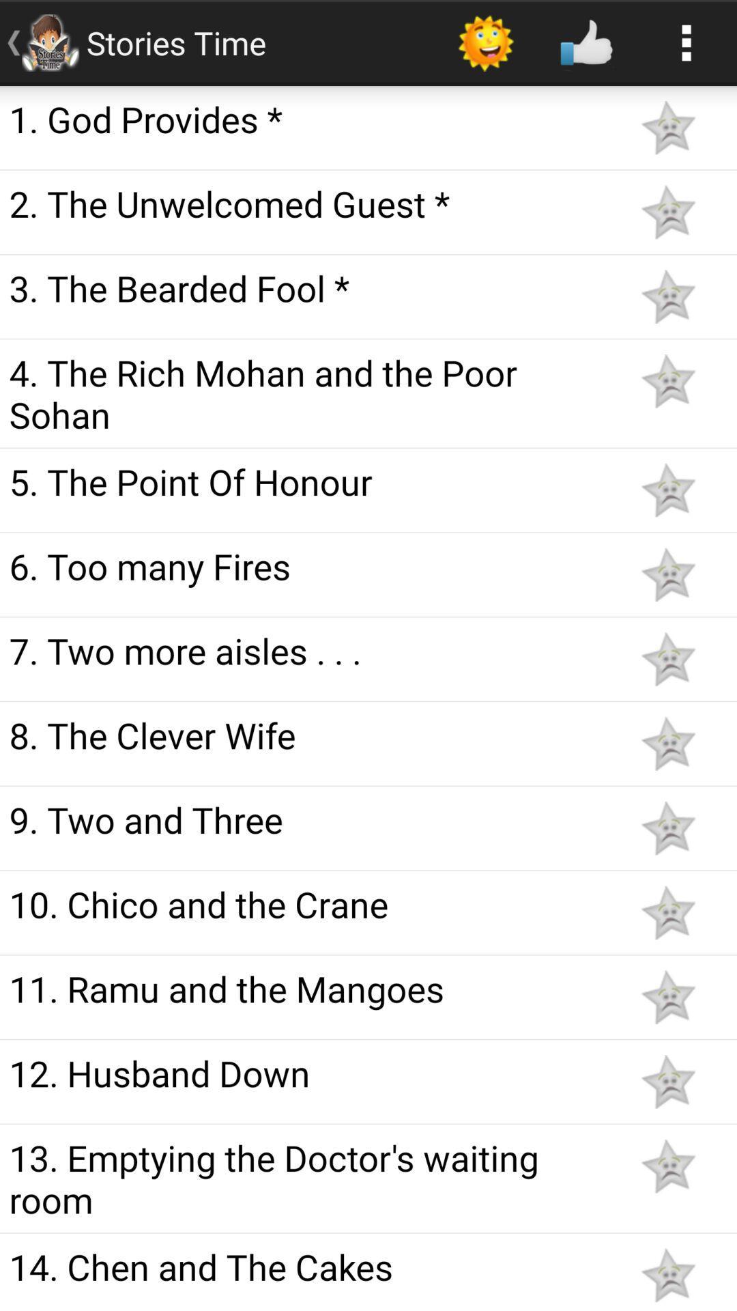 The width and height of the screenshot is (737, 1311). I want to click on rate the story, so click(667, 1166).